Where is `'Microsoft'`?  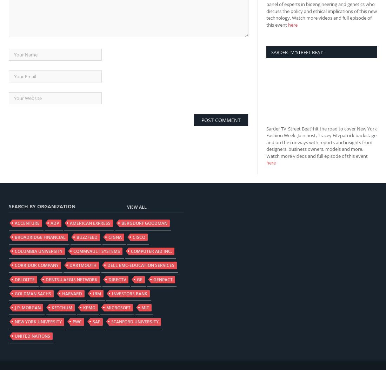
'Microsoft' is located at coordinates (118, 308).